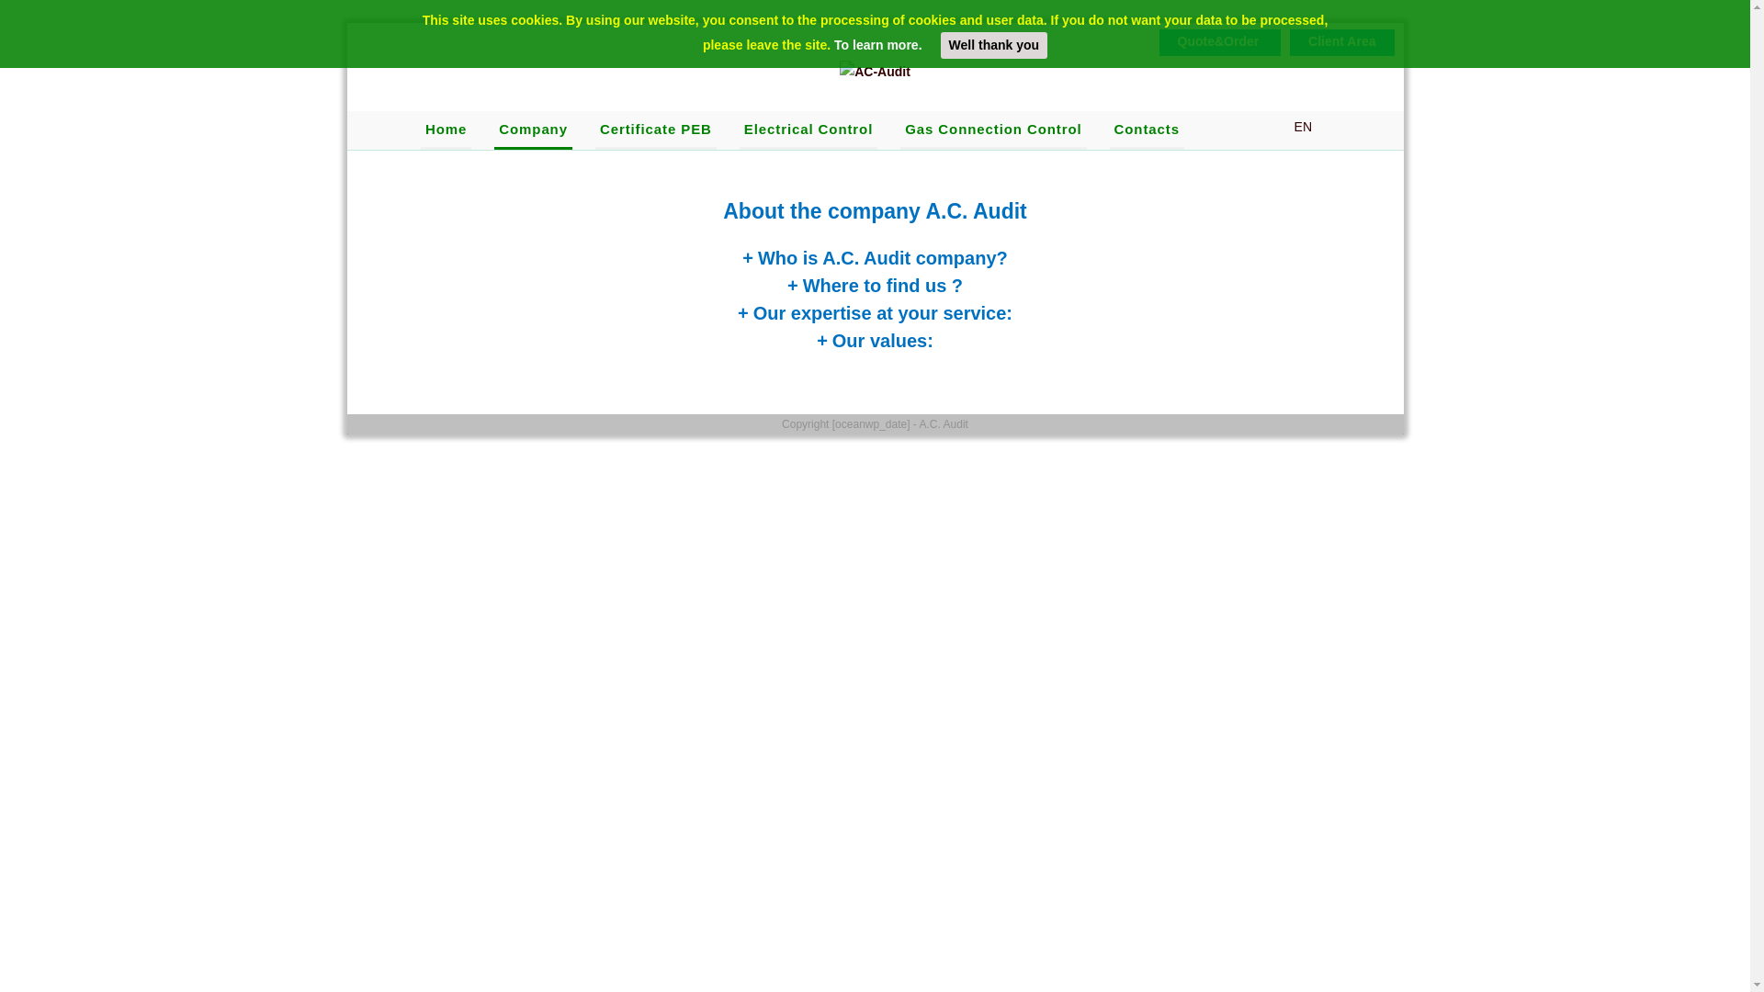 This screenshot has width=1764, height=992. I want to click on 'Contacts', so click(1146, 130).